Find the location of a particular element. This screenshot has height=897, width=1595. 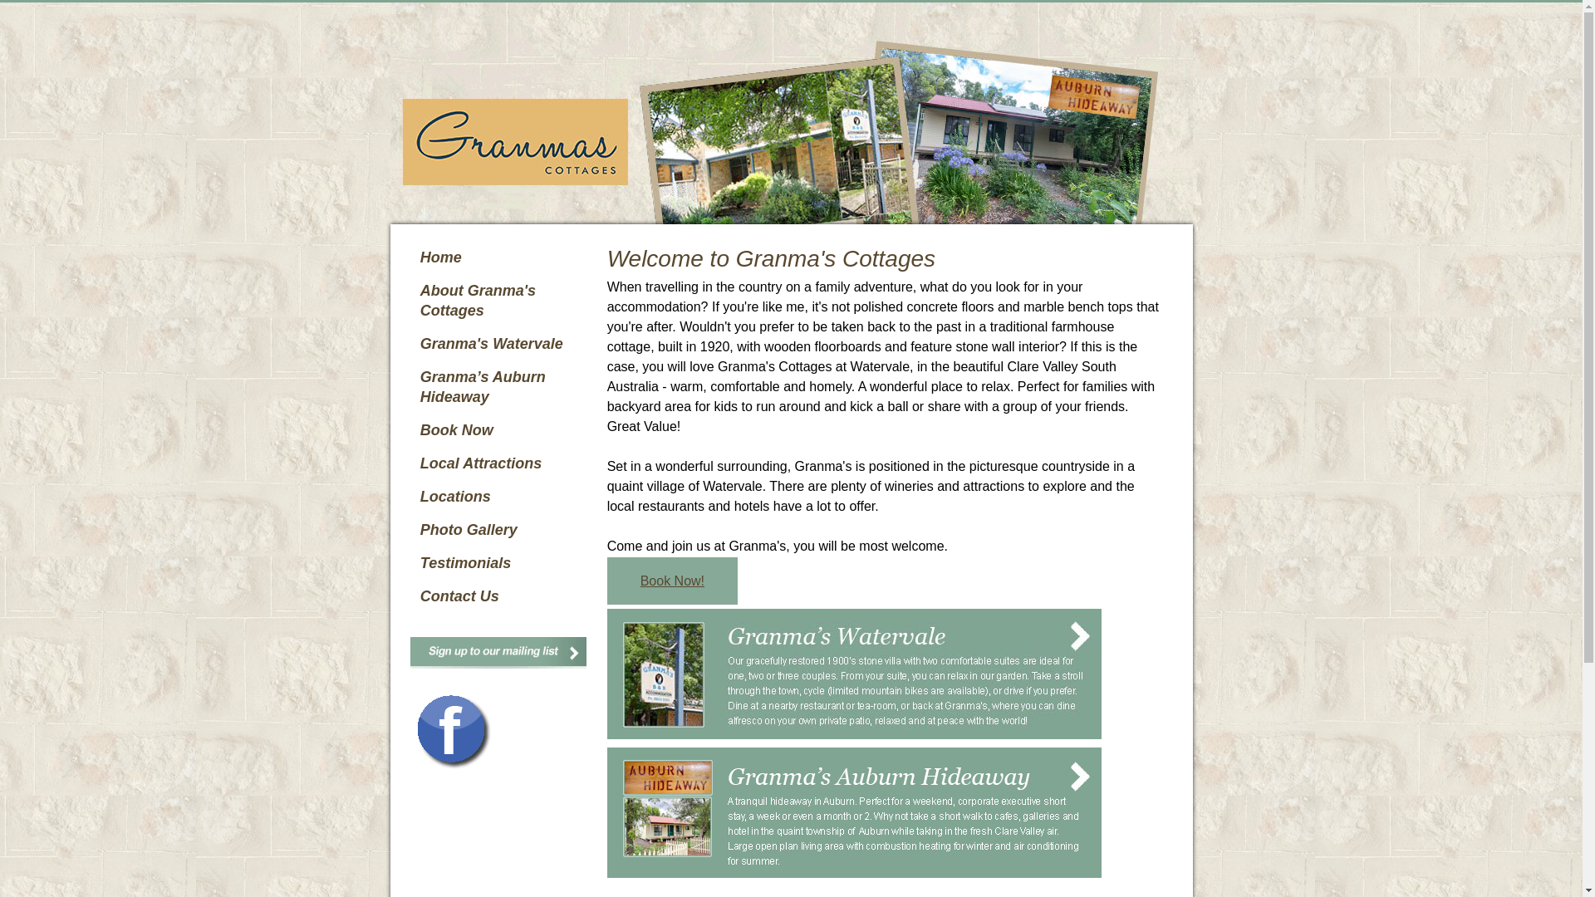

'Contact Us' is located at coordinates (501, 595).